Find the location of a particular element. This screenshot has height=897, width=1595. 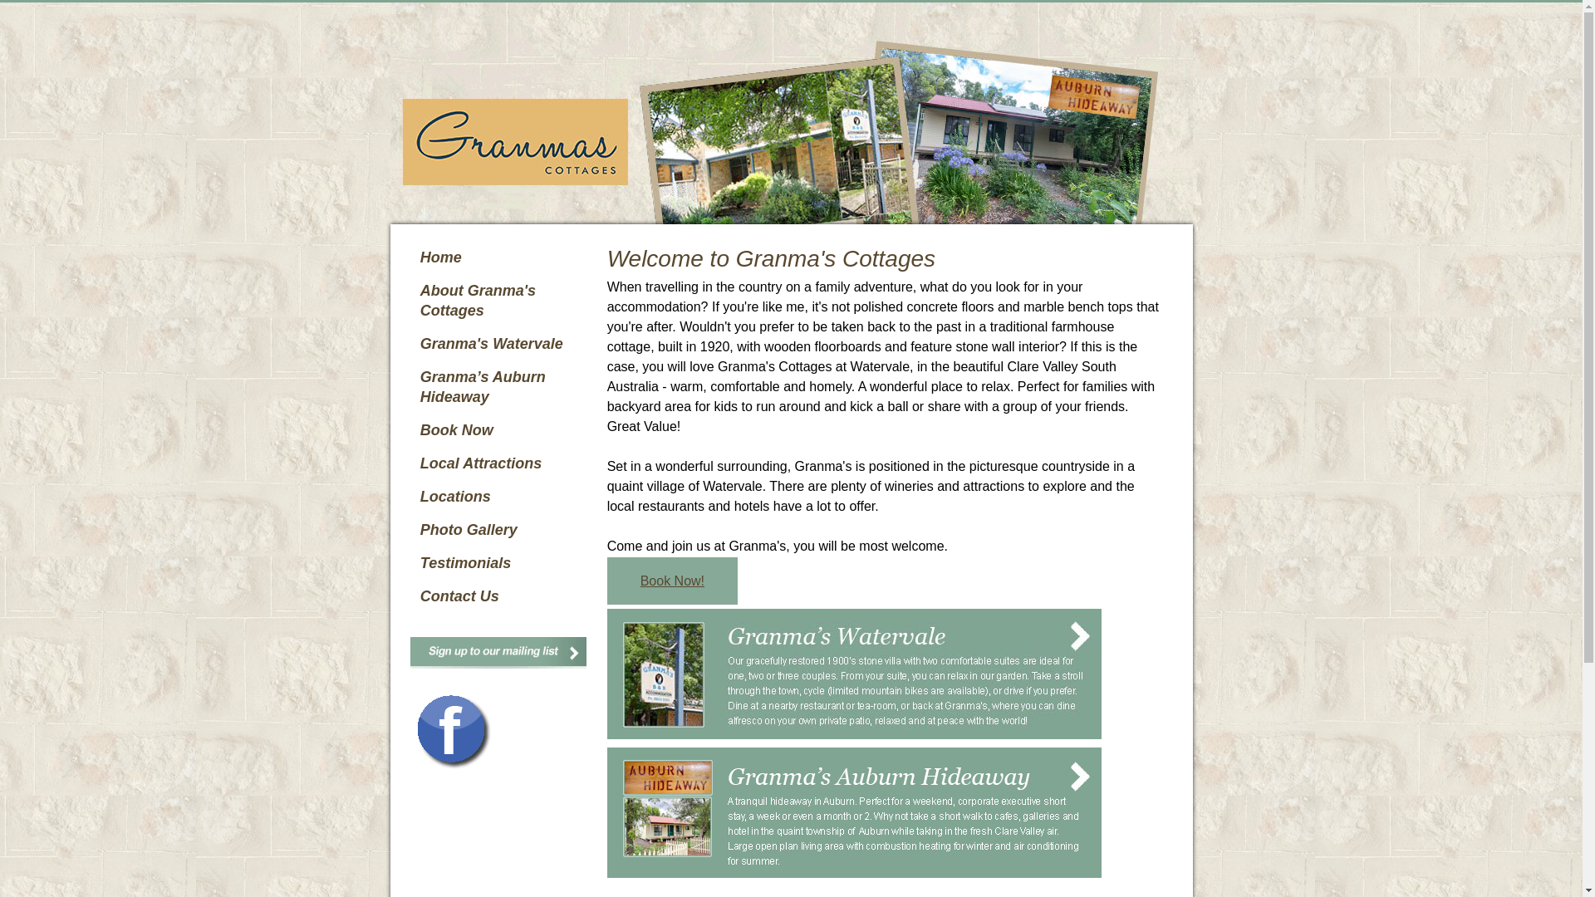

'Contact Us' is located at coordinates (501, 595).